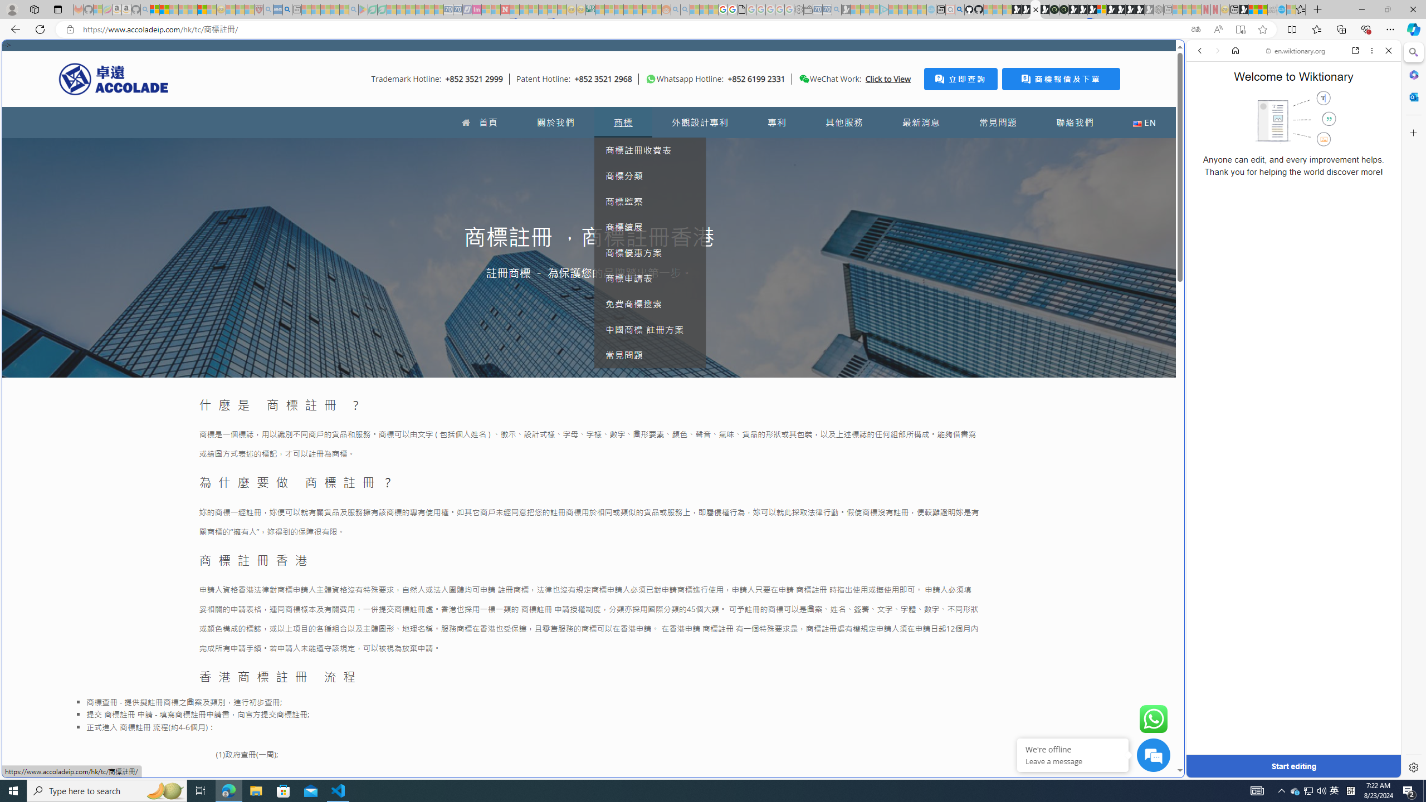  Describe the element at coordinates (1063, 9) in the screenshot. I see `'Future Focus Report 2024'` at that location.